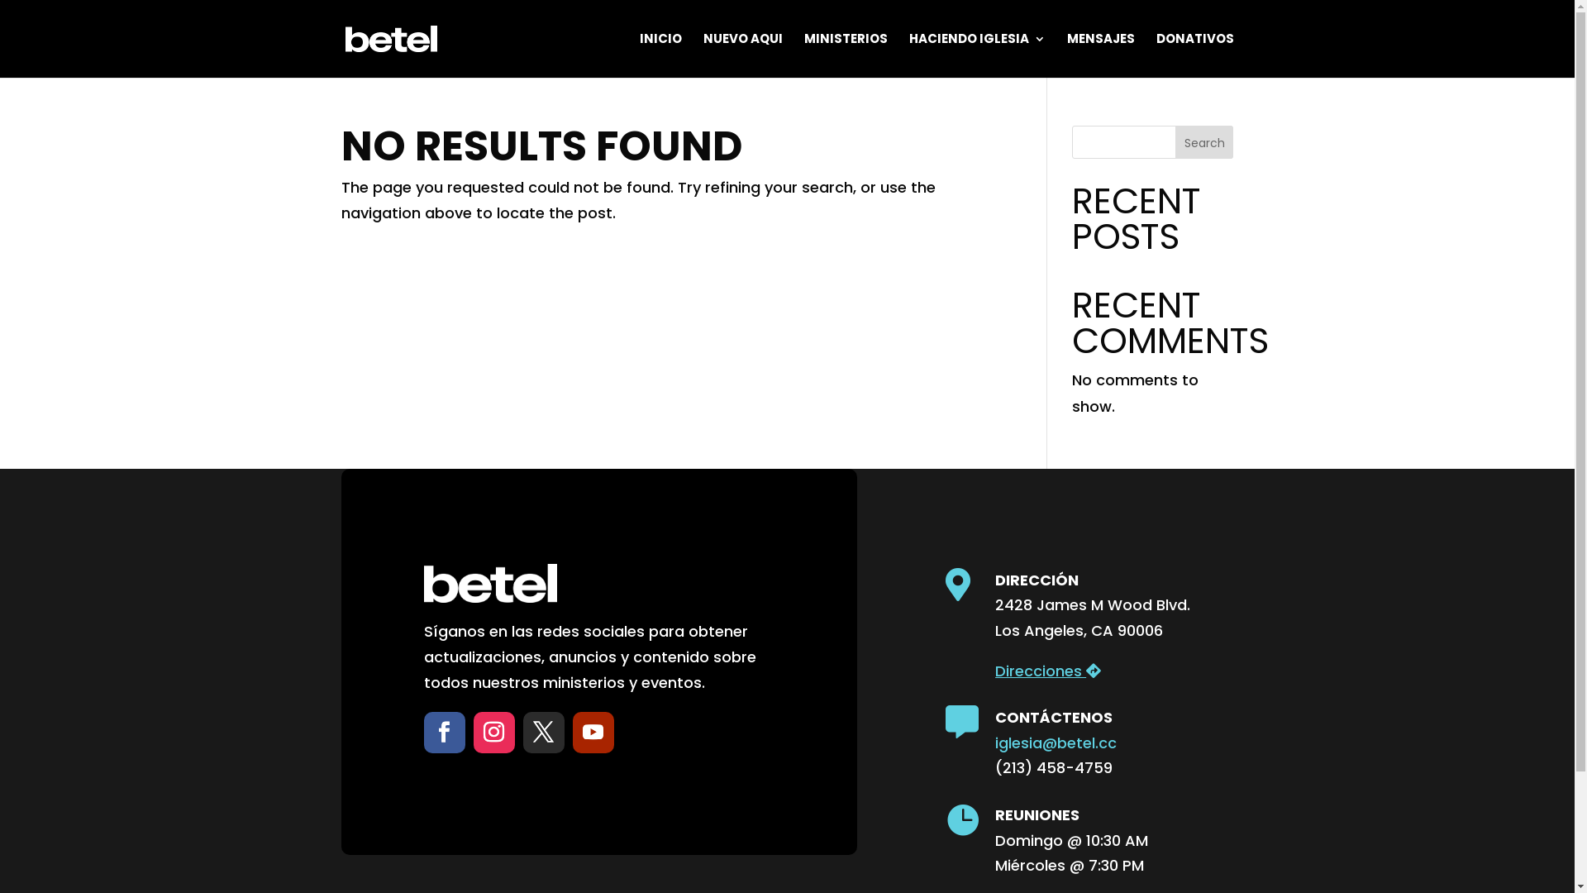 This screenshot has width=1587, height=893. Describe the element at coordinates (543, 732) in the screenshot. I see `'Follow on X'` at that location.